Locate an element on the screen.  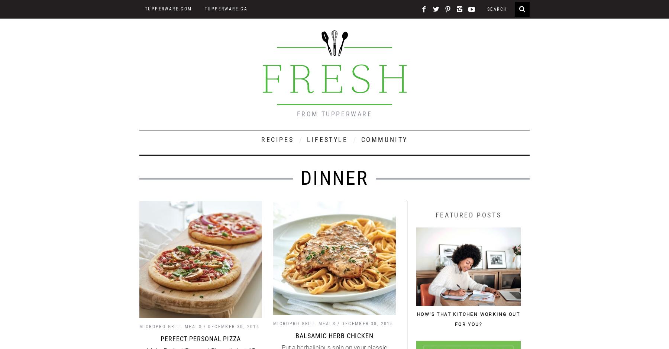
'Balsamic Herb Chicken' is located at coordinates (334, 336).